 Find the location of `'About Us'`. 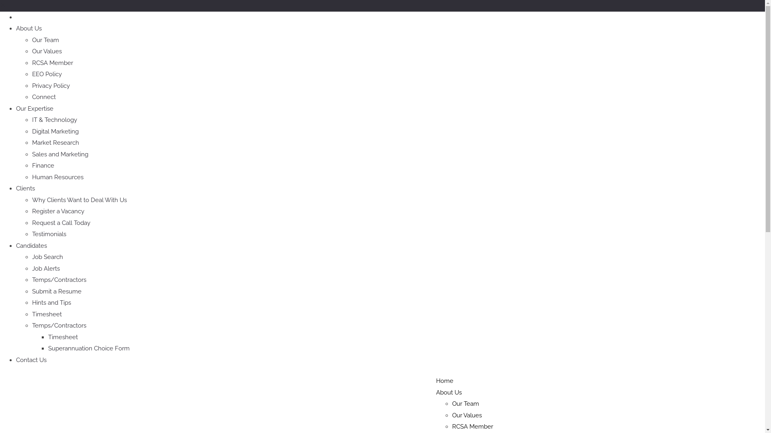

'About Us' is located at coordinates (449, 392).